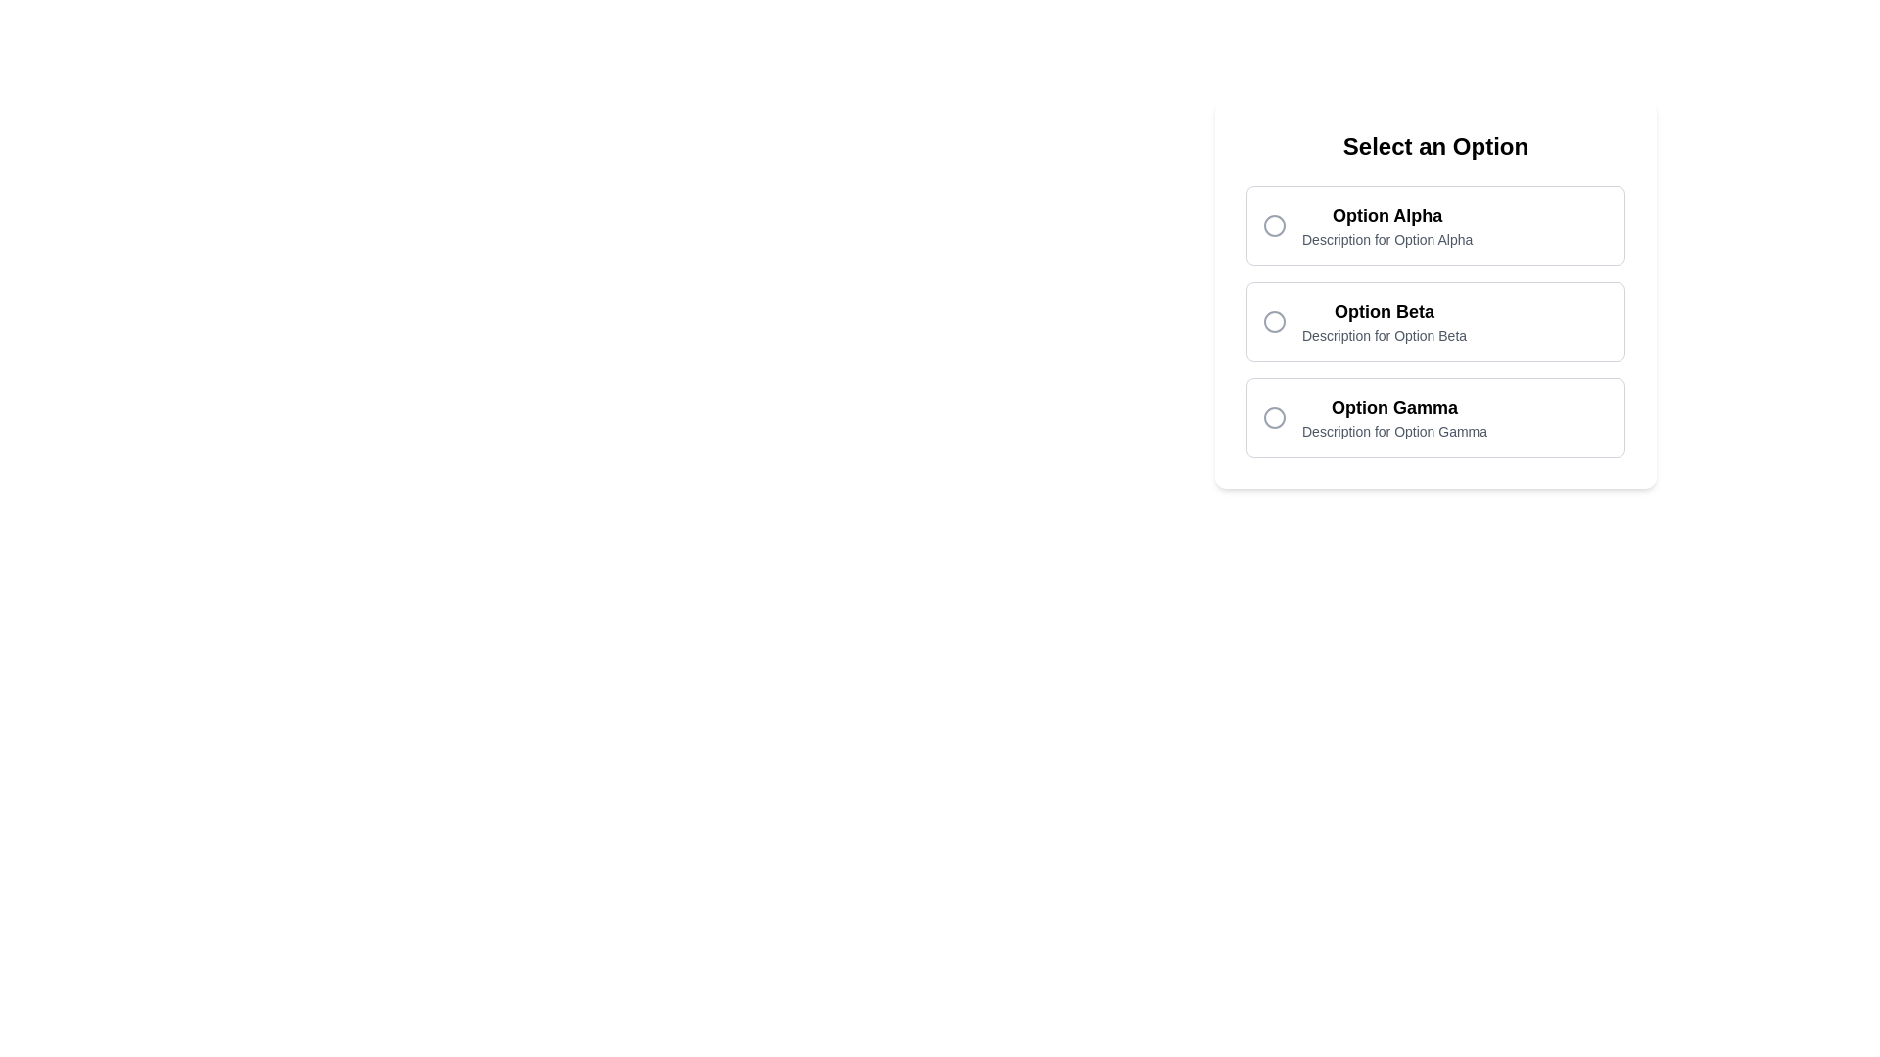 This screenshot has height=1057, width=1880. What do you see at coordinates (1386, 215) in the screenshot?
I see `the text label for the first option in the selection list under the heading 'Select an Option'. This label distinguishes the first choice from others in the group` at bounding box center [1386, 215].